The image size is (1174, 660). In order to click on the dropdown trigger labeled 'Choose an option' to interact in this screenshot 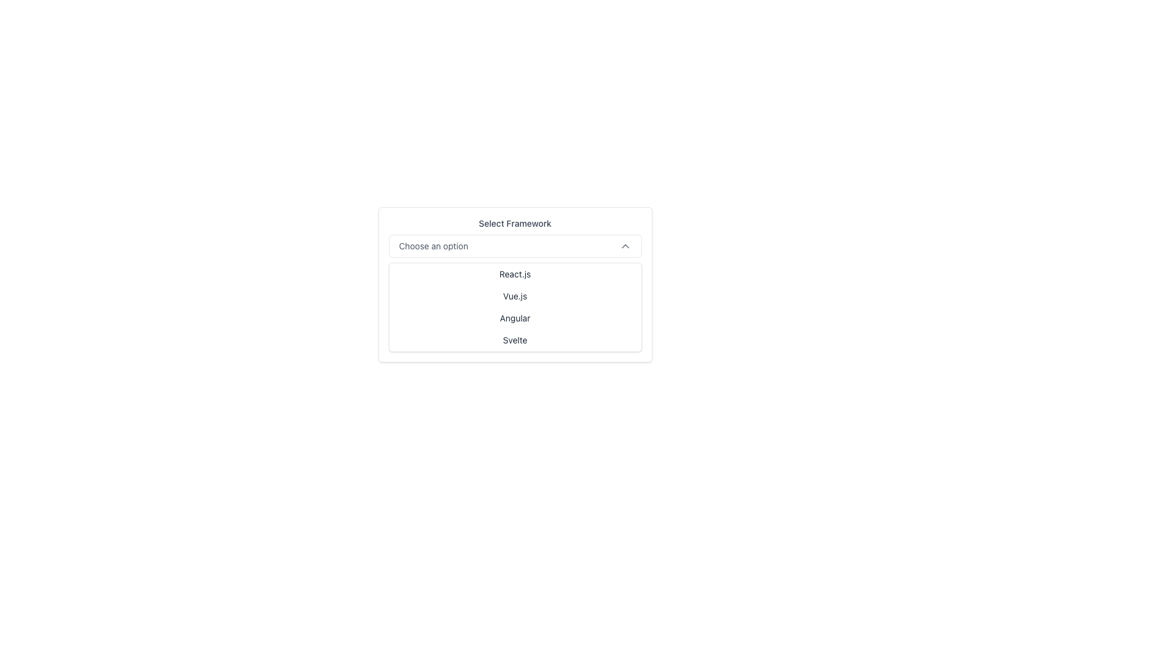, I will do `click(515, 246)`.